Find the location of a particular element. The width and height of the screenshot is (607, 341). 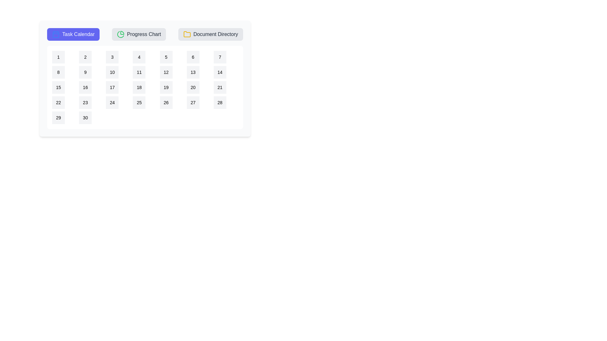

the calendar date 23 is located at coordinates (85, 102).